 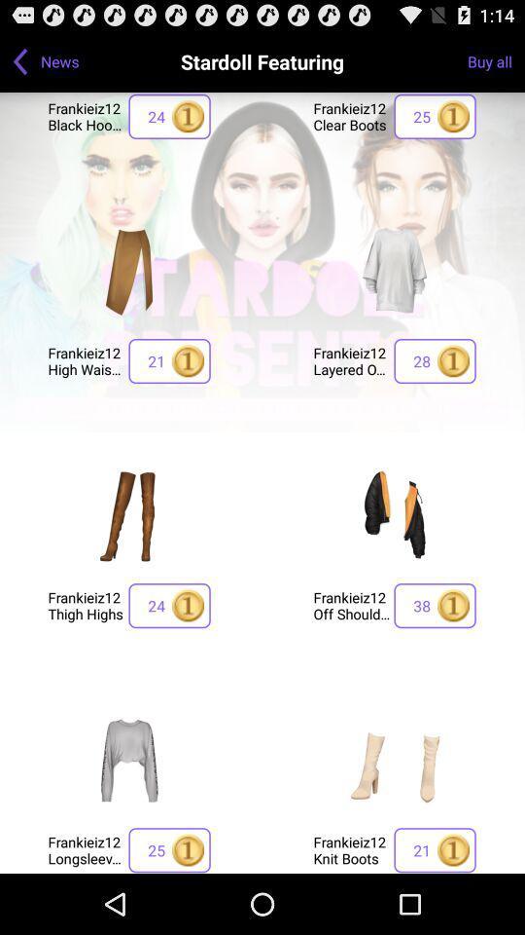 I want to click on app next to the stardoll featuring item, so click(x=496, y=60).